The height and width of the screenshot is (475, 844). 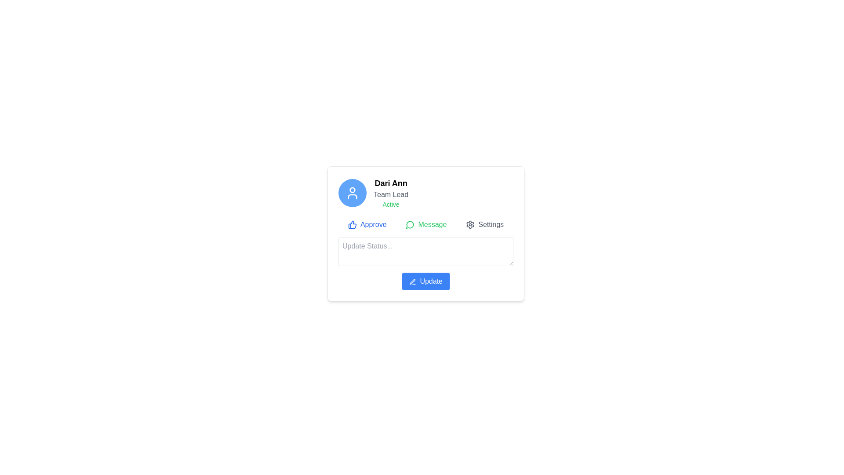 What do you see at coordinates (470, 224) in the screenshot?
I see `the gear icon located in the top-right section of the card interface` at bounding box center [470, 224].